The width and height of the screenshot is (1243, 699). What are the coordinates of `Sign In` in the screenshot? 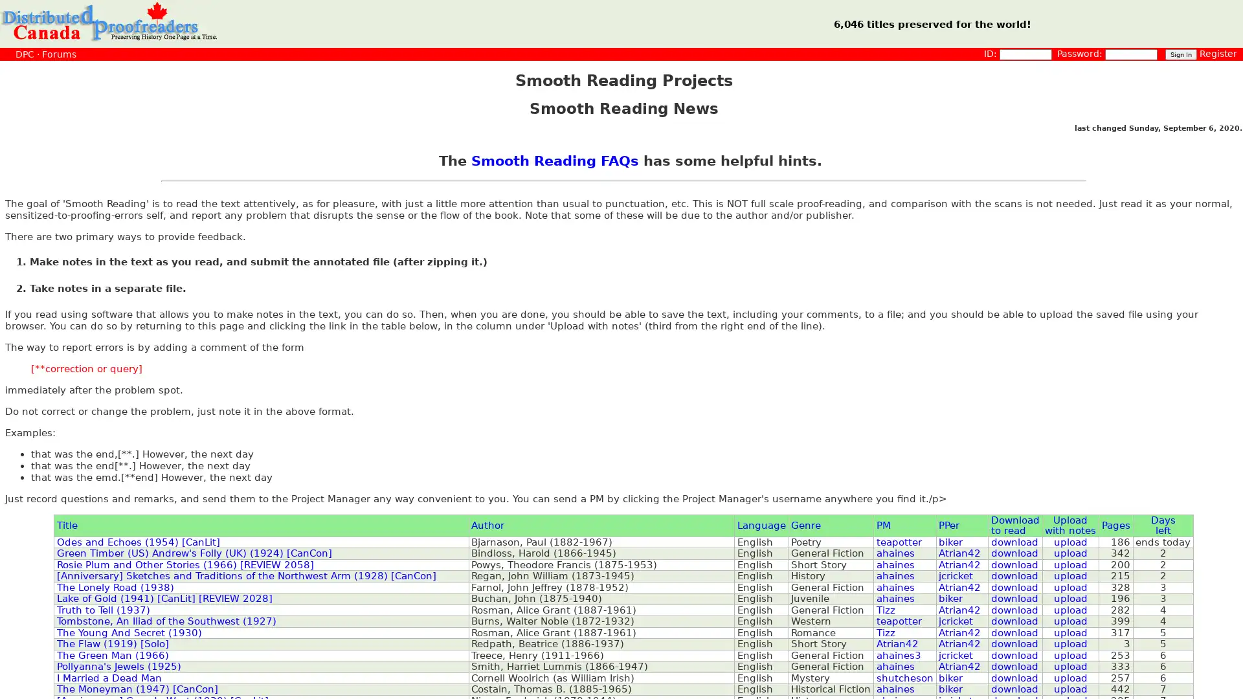 It's located at (1181, 54).